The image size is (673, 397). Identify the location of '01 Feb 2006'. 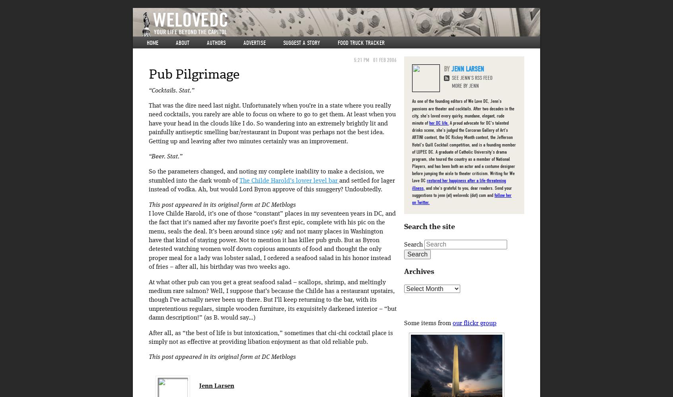
(385, 60).